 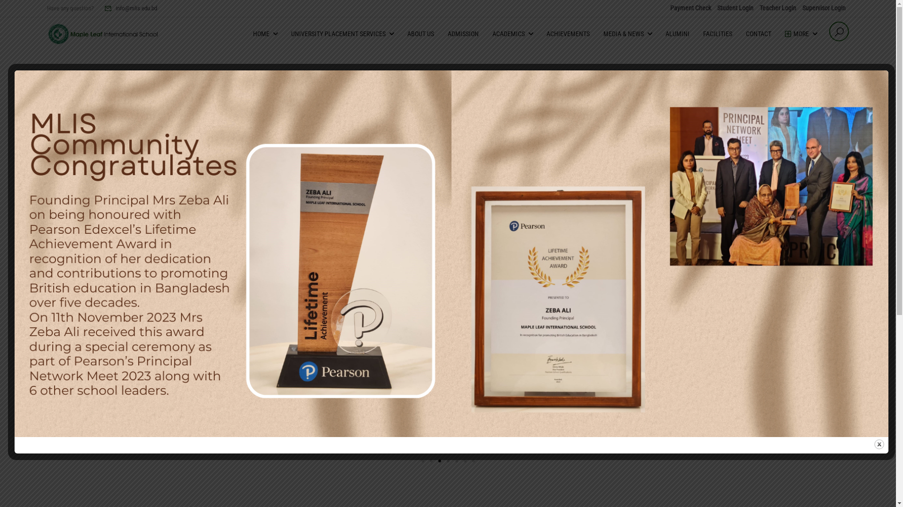 I want to click on 'Supervisor Login', so click(x=824, y=8).